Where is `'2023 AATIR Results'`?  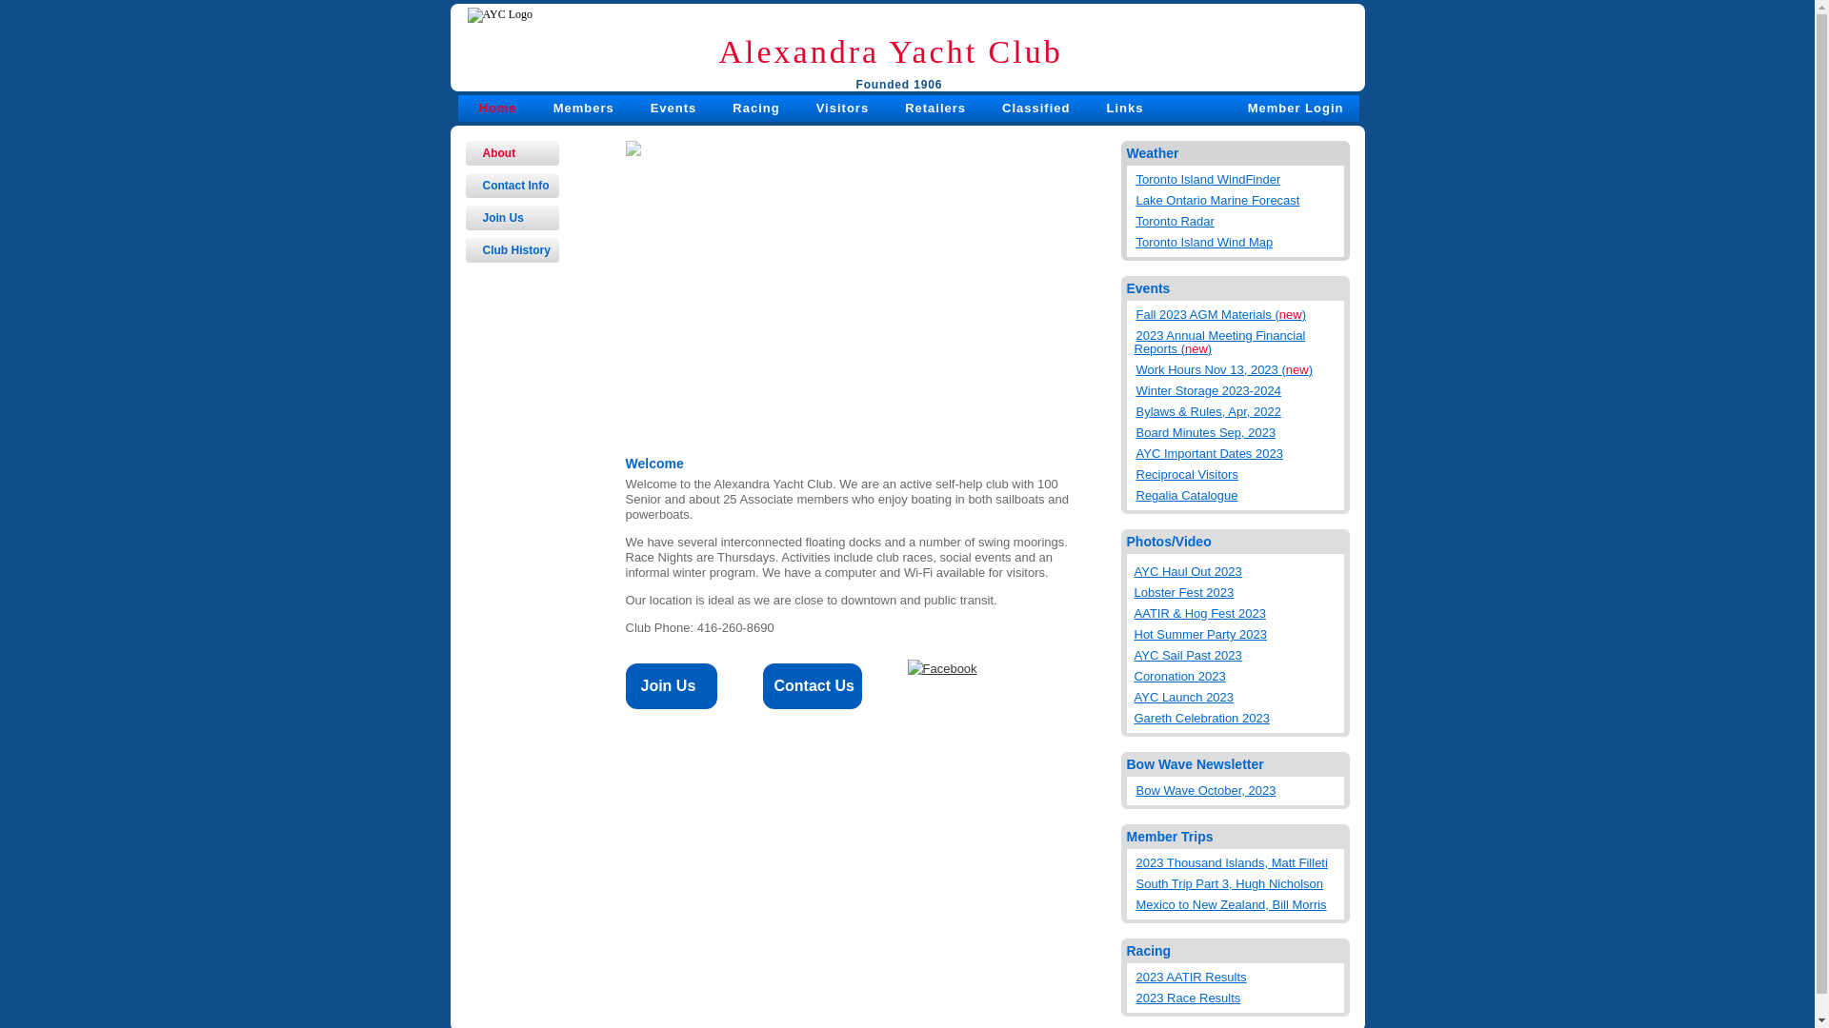
'2023 AATIR Results' is located at coordinates (1238, 973).